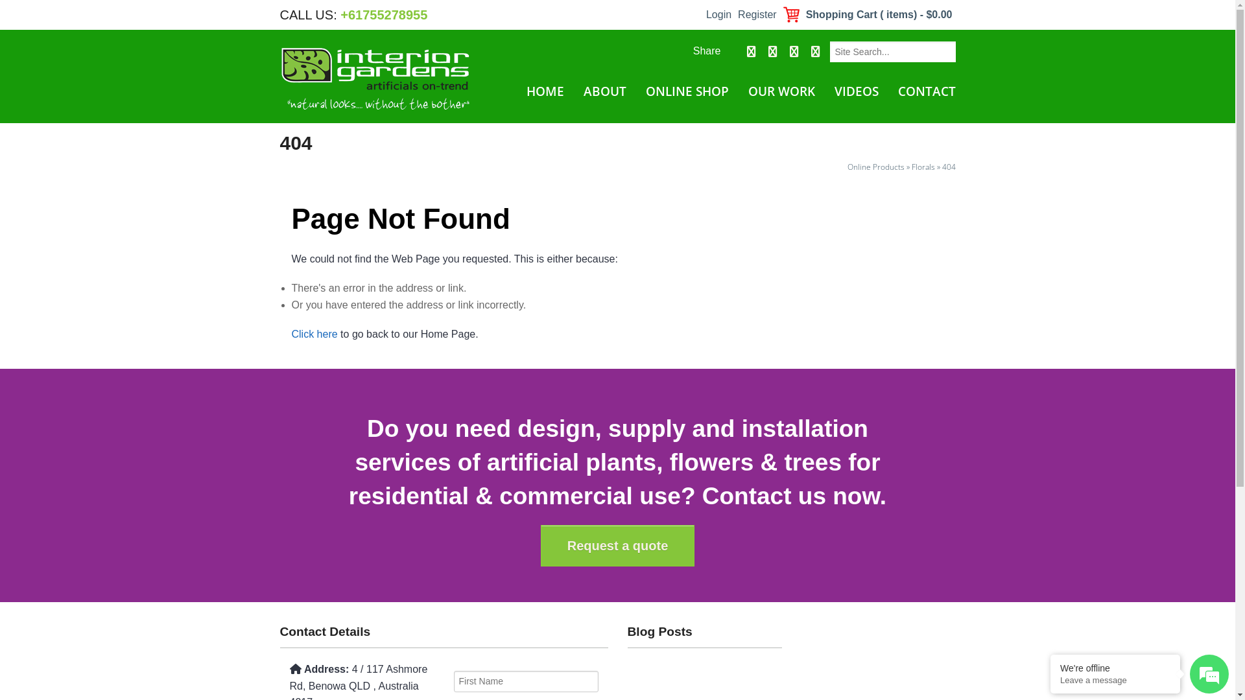 This screenshot has width=1245, height=700. I want to click on 'Google+', so click(793, 51).